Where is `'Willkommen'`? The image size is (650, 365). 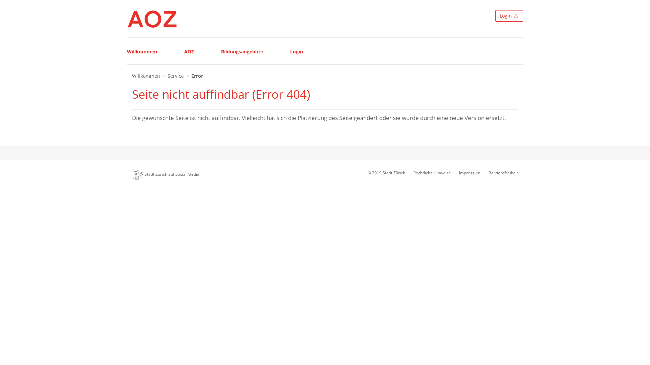 'Willkommen' is located at coordinates (146, 76).